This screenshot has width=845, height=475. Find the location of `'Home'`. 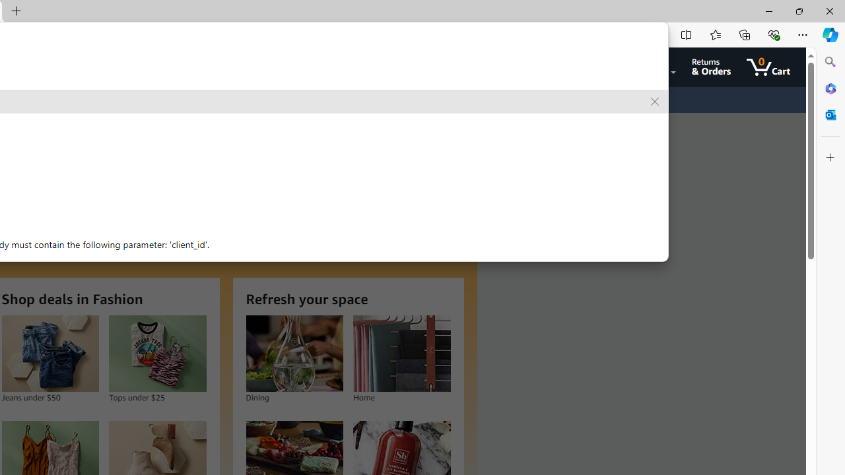

'Home' is located at coordinates (401, 353).